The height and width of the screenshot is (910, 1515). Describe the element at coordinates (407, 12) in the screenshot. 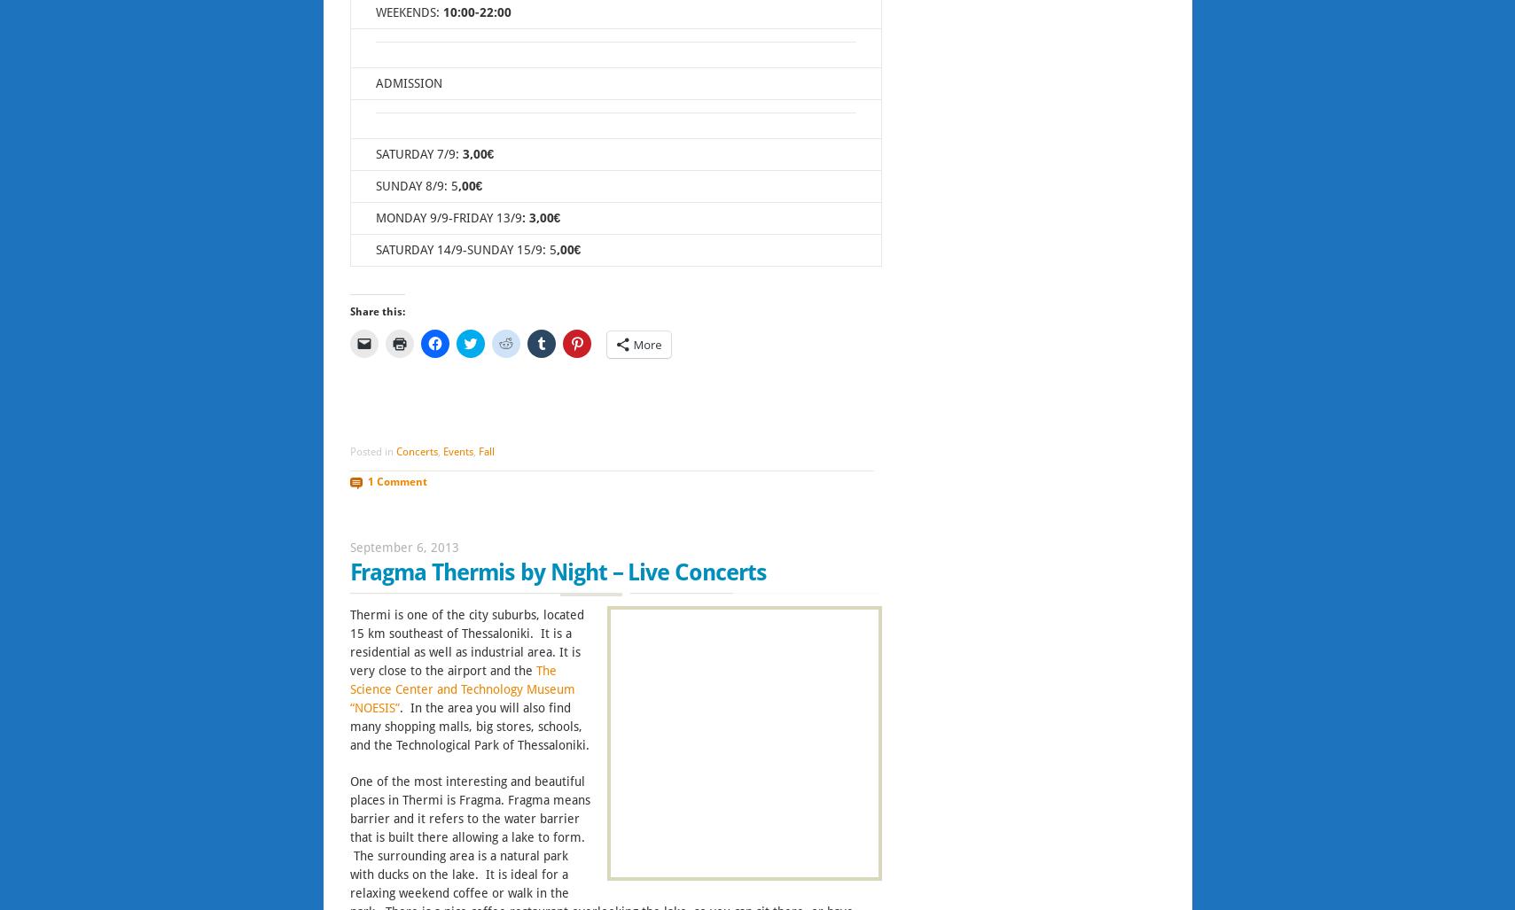

I see `'WEEKENDS:'` at that location.